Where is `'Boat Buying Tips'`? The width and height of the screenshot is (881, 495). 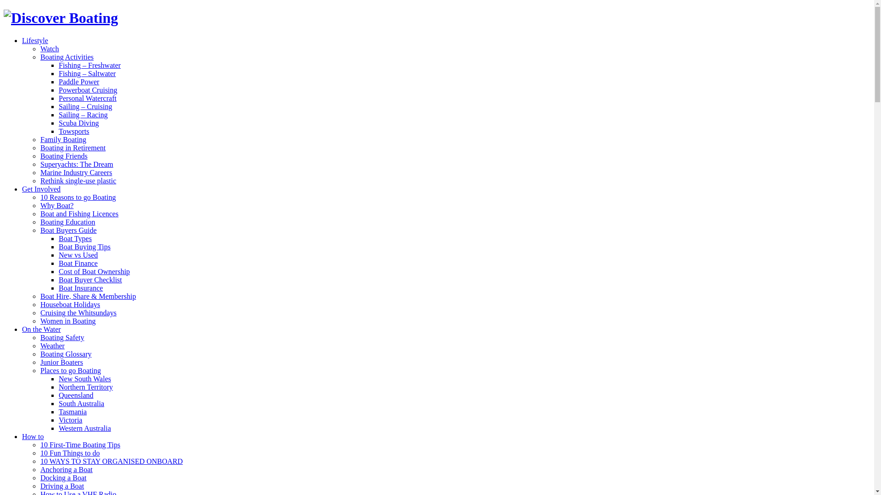
'Boat Buying Tips' is located at coordinates (84, 246).